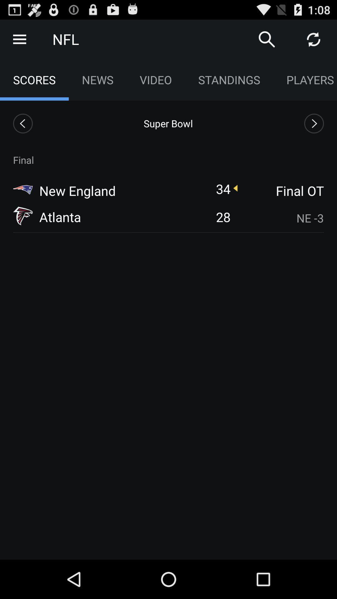 This screenshot has width=337, height=599. What do you see at coordinates (267, 39) in the screenshot?
I see `search` at bounding box center [267, 39].